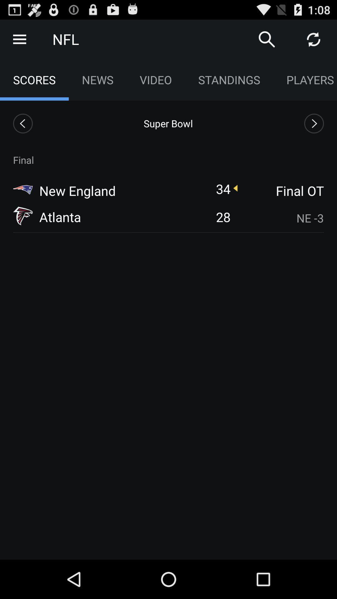 This screenshot has width=337, height=599. What do you see at coordinates (267, 39) in the screenshot?
I see `search` at bounding box center [267, 39].